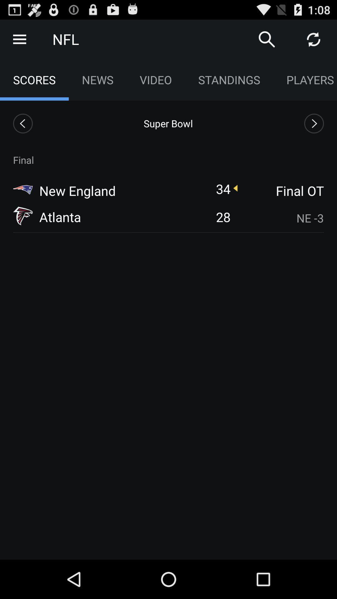 This screenshot has width=337, height=599. What do you see at coordinates (267, 39) in the screenshot?
I see `search` at bounding box center [267, 39].